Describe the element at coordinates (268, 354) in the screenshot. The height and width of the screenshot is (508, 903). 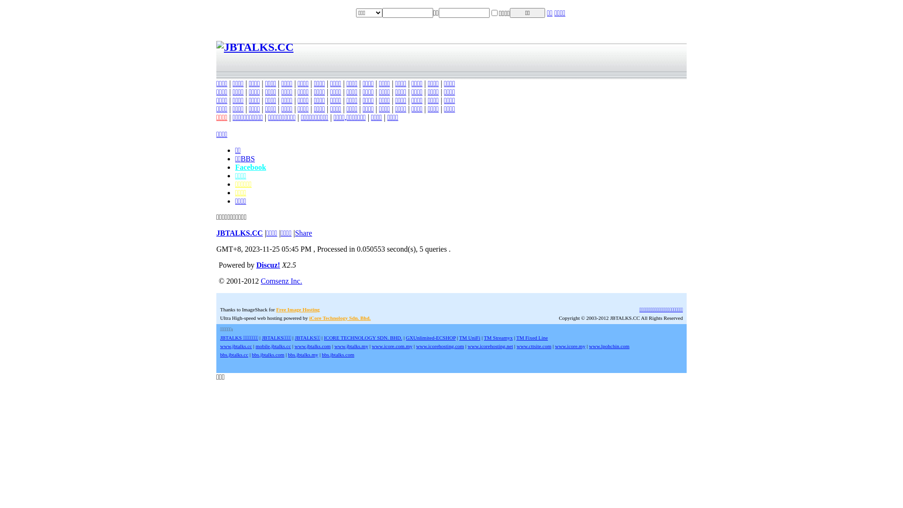
I see `'bbs.jbtalks.com'` at that location.